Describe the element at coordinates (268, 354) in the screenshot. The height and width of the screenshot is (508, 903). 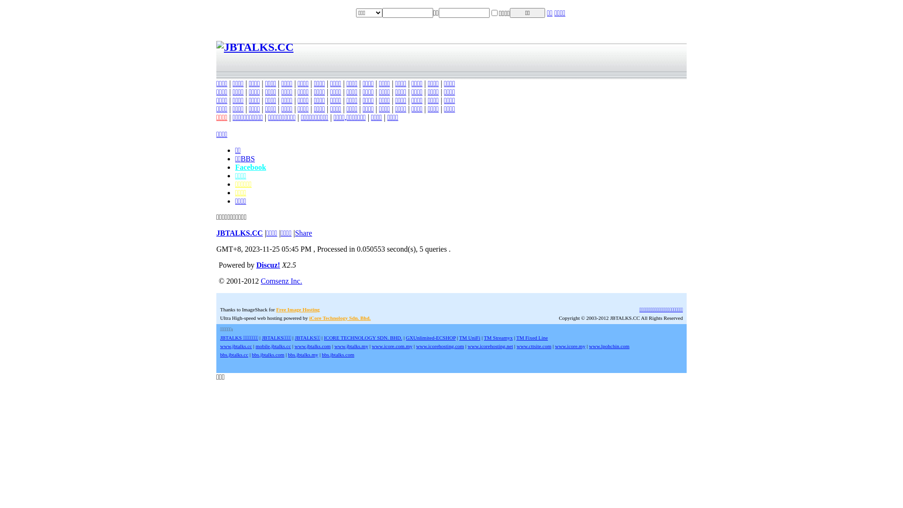
I see `'bbs.jbtalks.com'` at that location.